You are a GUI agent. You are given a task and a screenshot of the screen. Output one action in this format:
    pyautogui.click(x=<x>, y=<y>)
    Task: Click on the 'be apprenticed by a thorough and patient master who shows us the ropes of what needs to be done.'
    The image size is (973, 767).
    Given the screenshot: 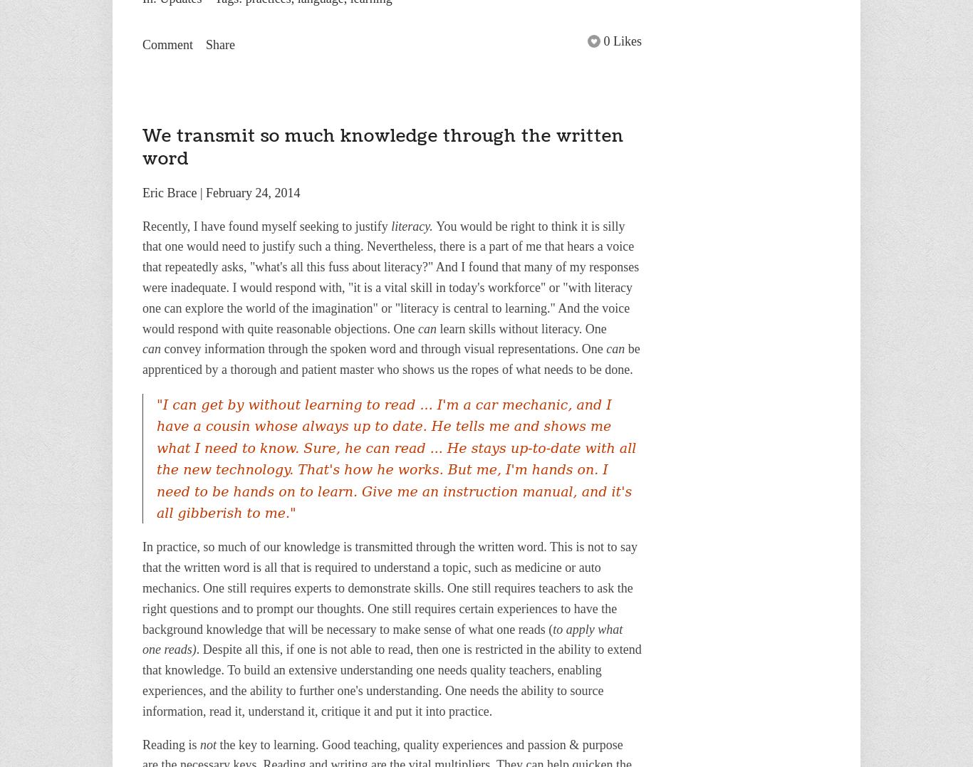 What is the action you would take?
    pyautogui.click(x=390, y=358)
    